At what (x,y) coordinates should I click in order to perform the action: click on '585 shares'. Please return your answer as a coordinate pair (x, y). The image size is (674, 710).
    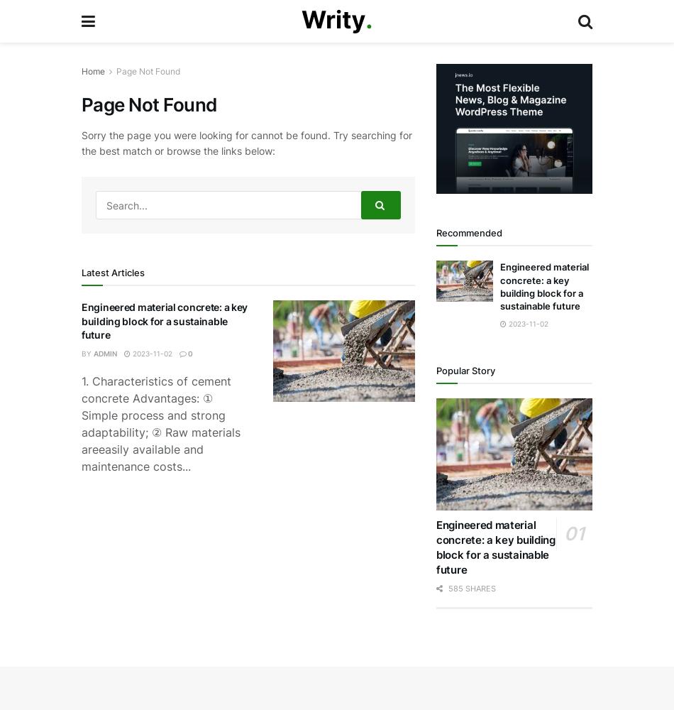
    Looking at the image, I should click on (470, 587).